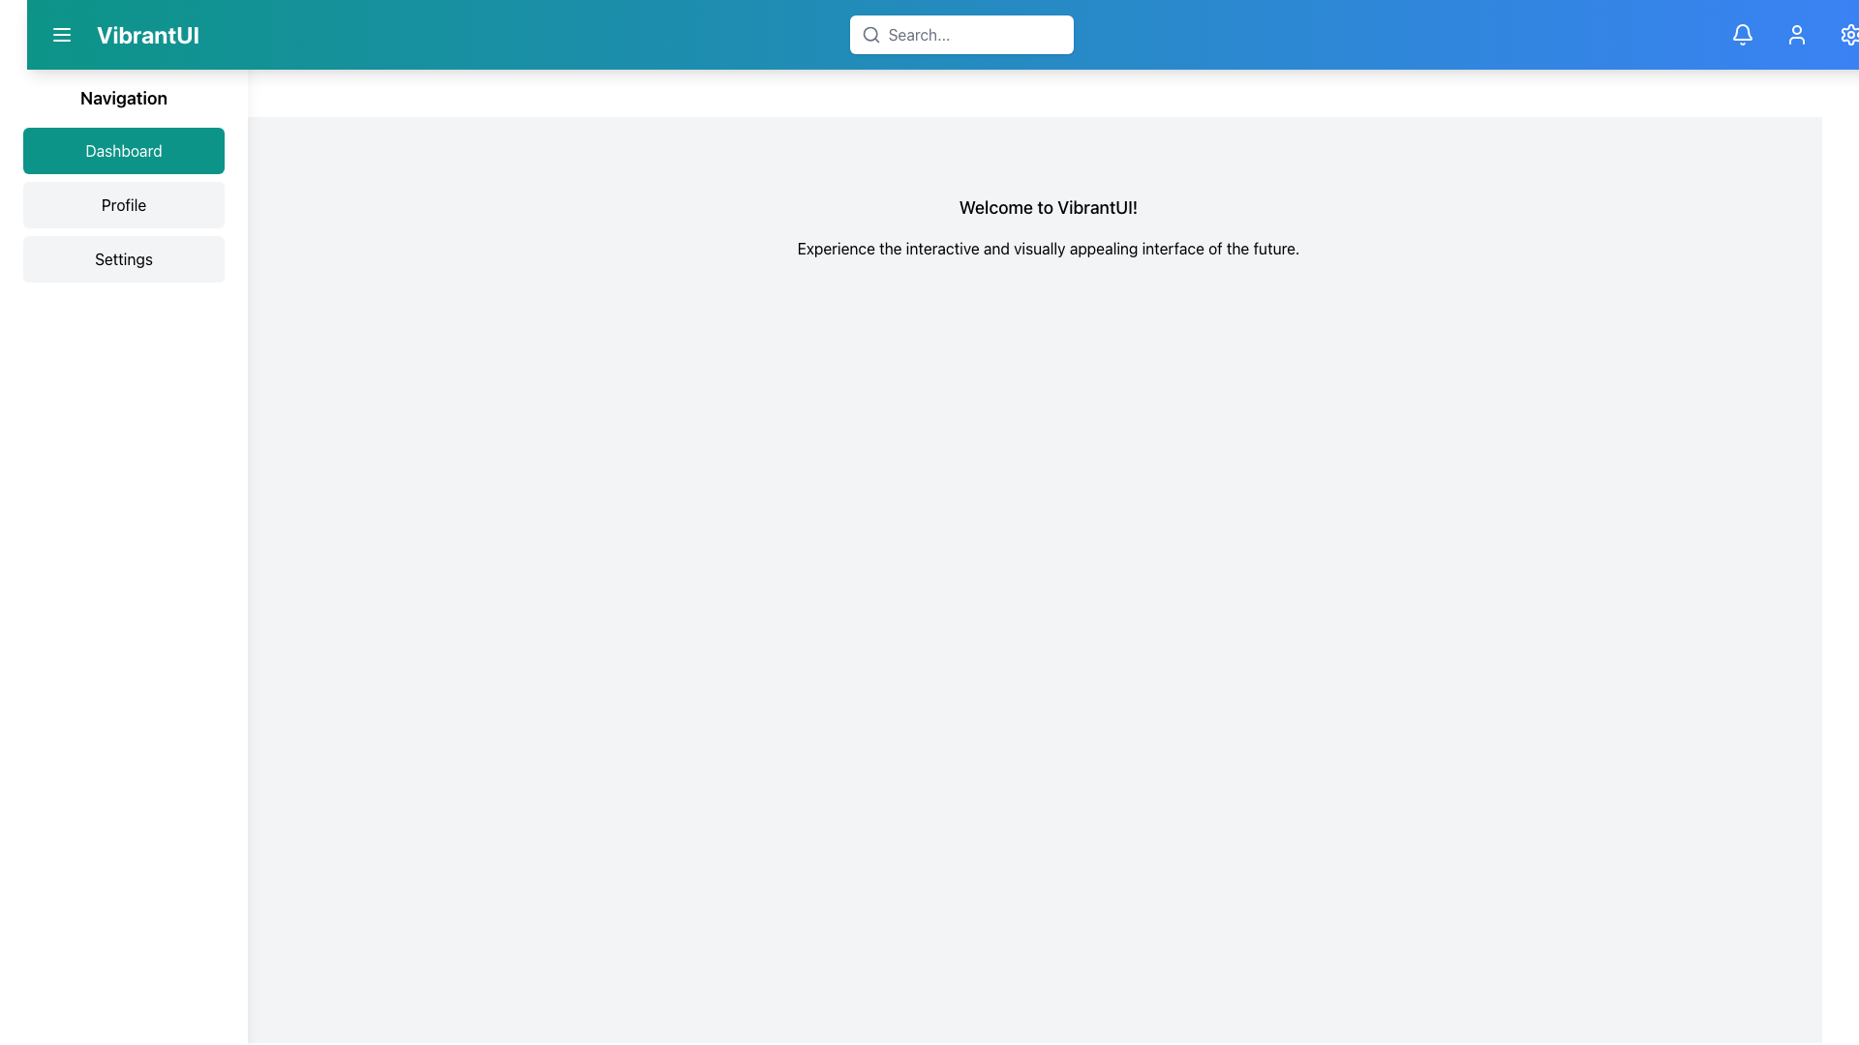 The width and height of the screenshot is (1859, 1045). I want to click on the Settings button in the vertical navigation menu to change its background color, so click(123, 257).